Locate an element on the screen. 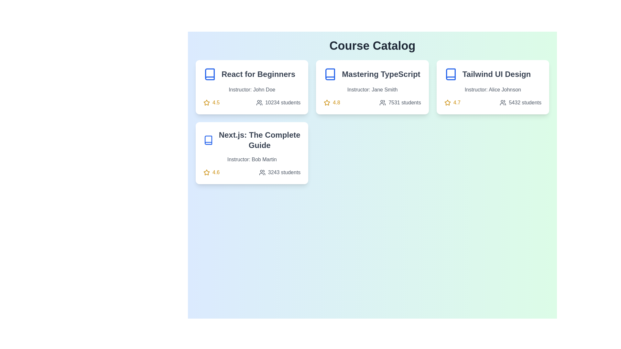  the 'Mastering TypeScript' course card, which is the second card in the top row of a three-card grid layout, positioned between 'React for Beginners' and 'Tailwind UI Design' is located at coordinates (372, 87).